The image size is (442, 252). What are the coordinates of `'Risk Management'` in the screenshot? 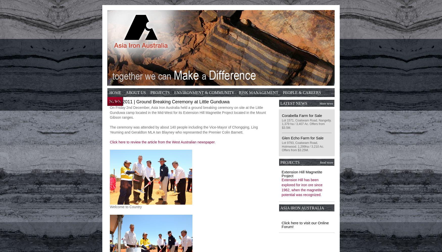 It's located at (258, 92).